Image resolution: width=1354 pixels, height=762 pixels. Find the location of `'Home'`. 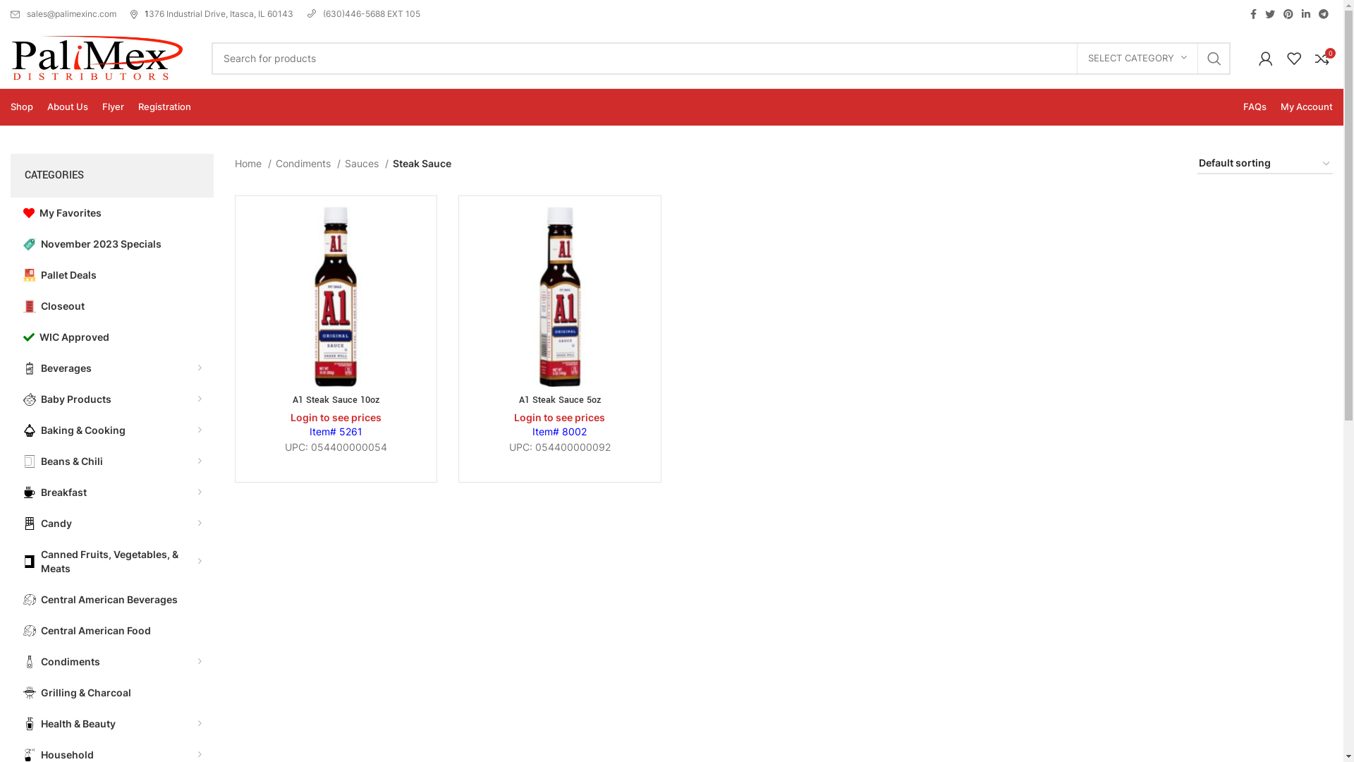

'Home' is located at coordinates (233, 162).